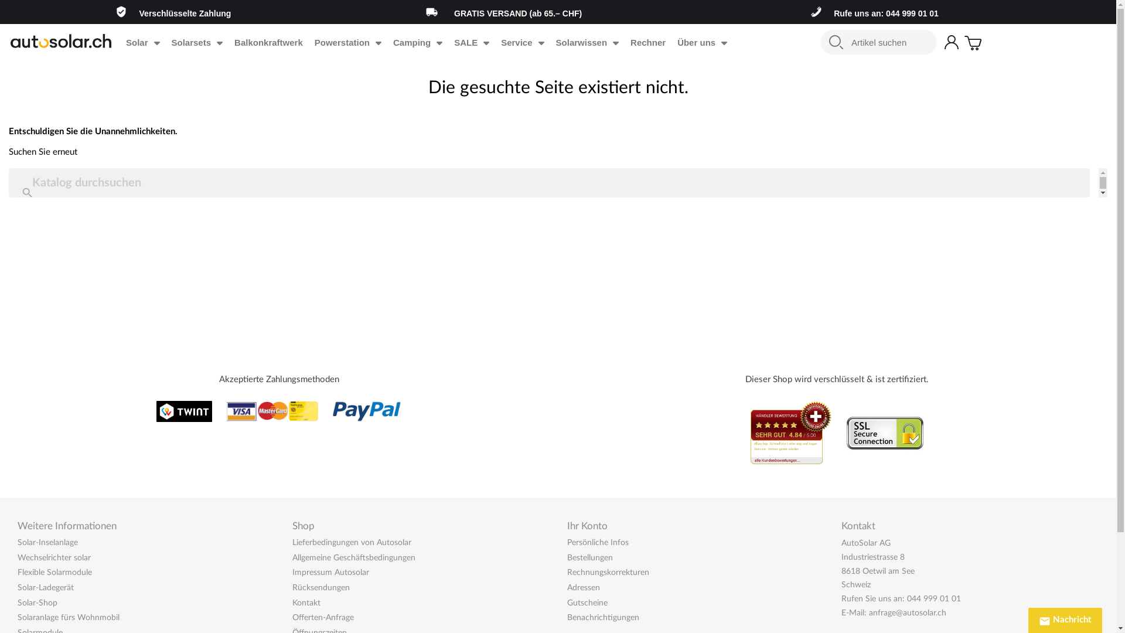  What do you see at coordinates (351, 542) in the screenshot?
I see `'Lieferbedingungen von Autosolar'` at bounding box center [351, 542].